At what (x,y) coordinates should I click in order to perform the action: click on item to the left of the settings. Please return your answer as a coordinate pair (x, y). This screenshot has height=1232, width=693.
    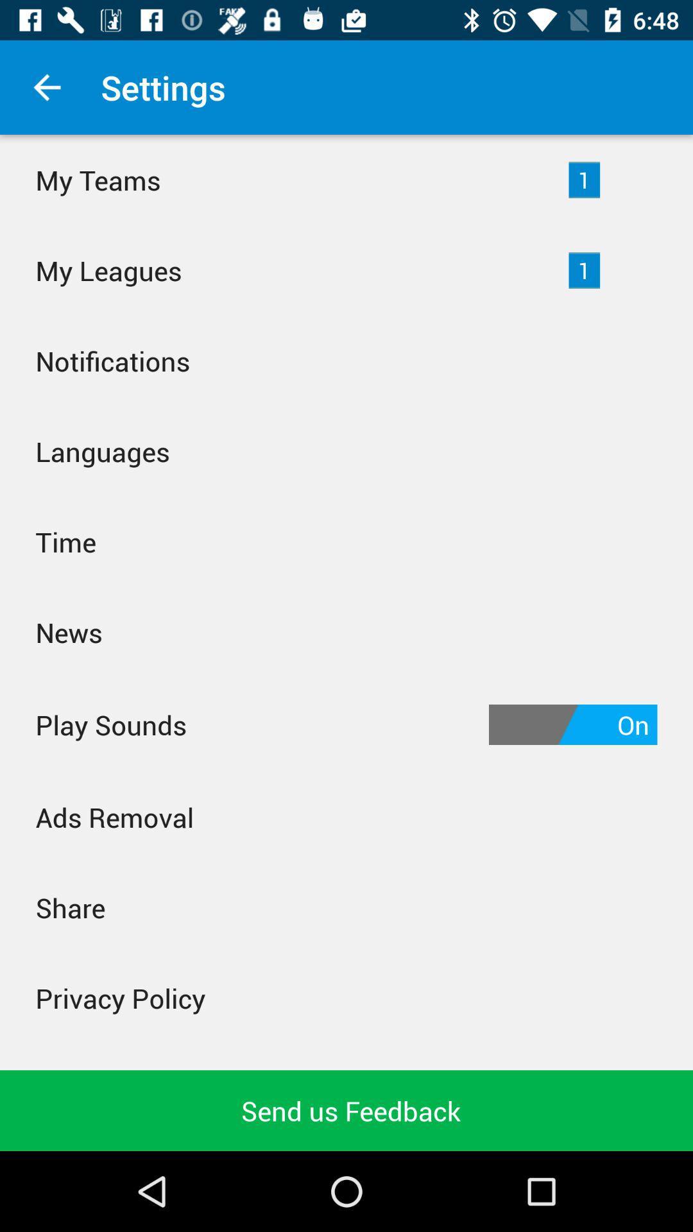
    Looking at the image, I should click on (46, 87).